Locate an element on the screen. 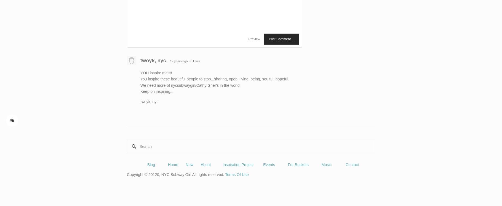  '· 0 Likes' is located at coordinates (194, 61).